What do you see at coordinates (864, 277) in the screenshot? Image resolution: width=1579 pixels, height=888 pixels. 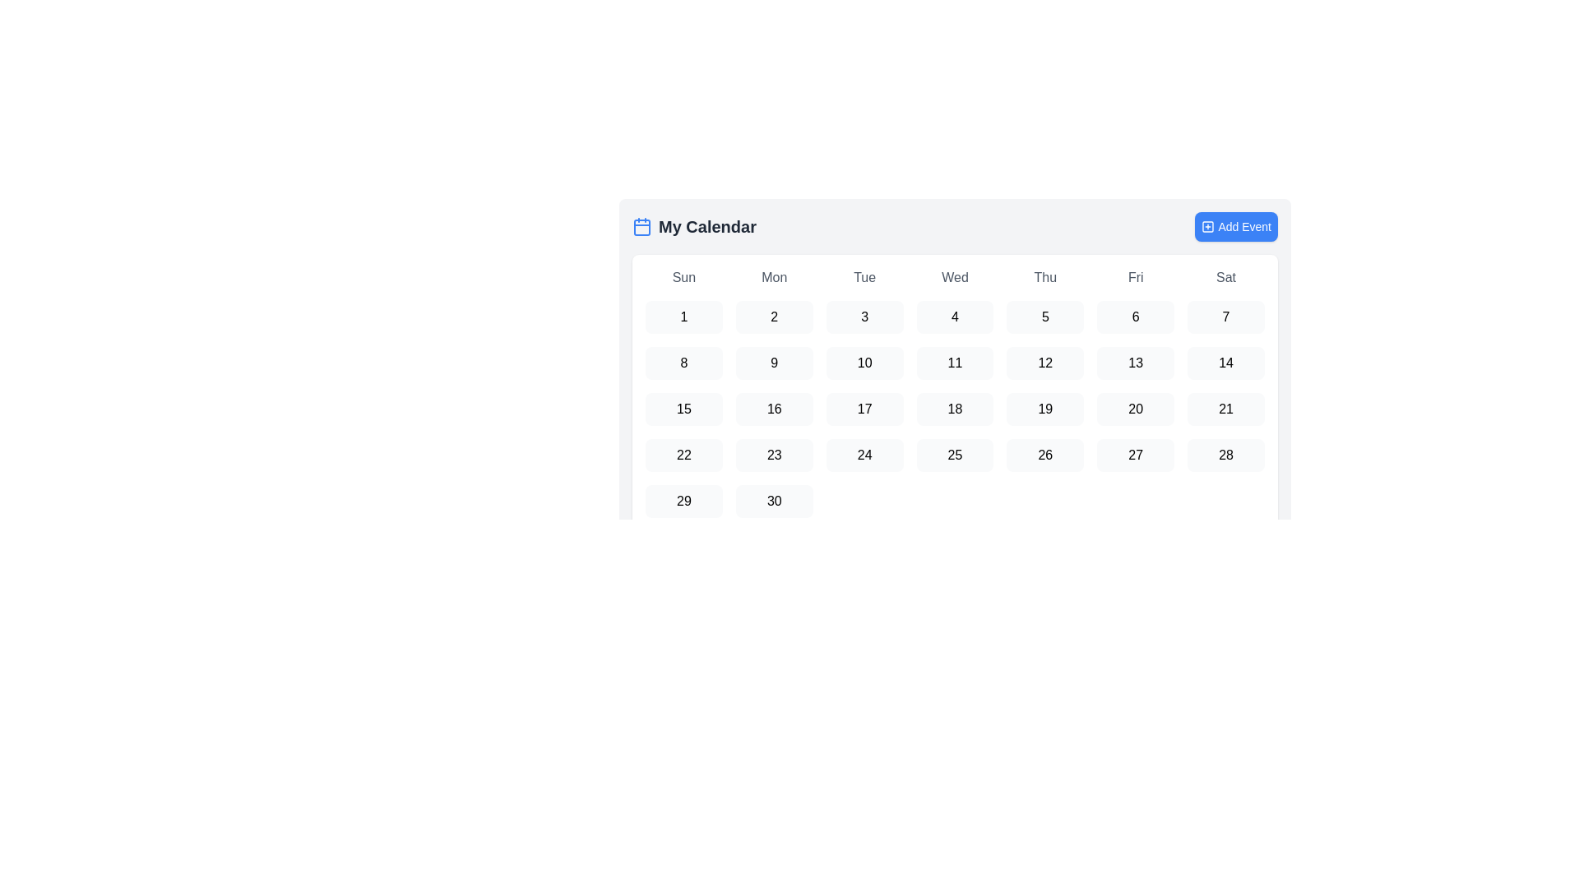 I see `the 'Tuesday' text label in the calendar interface, which is the third day header located between 'Mon' and 'Wed'` at bounding box center [864, 277].